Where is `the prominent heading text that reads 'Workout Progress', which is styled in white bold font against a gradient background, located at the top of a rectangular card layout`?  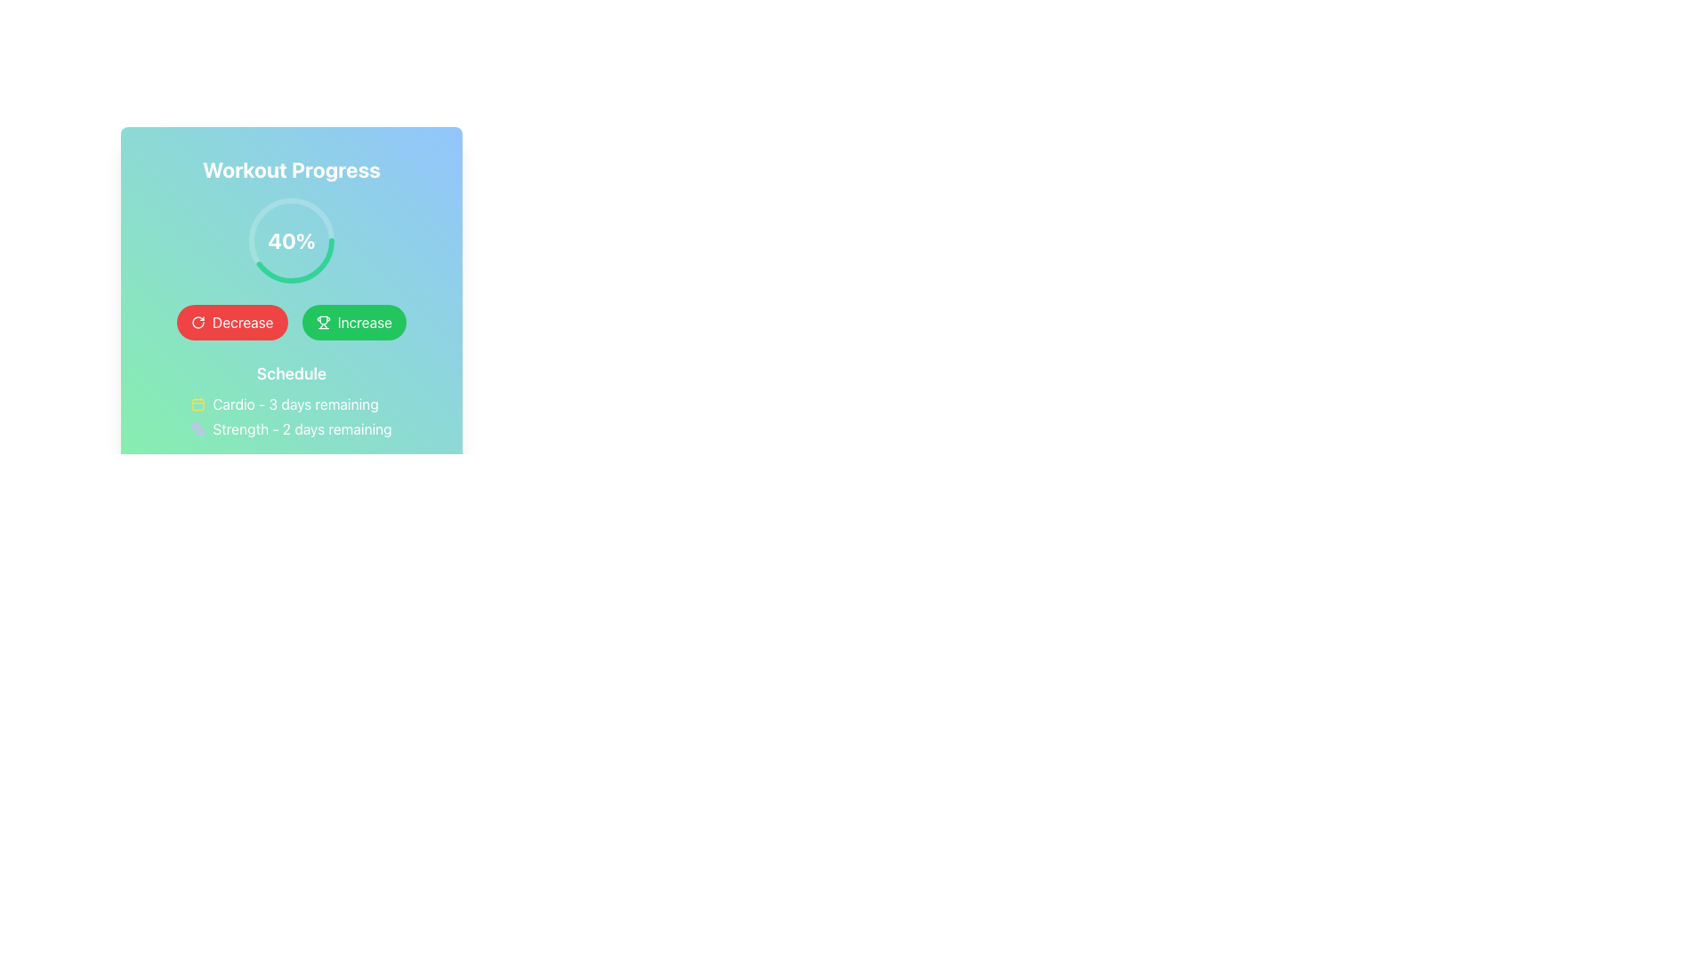 the prominent heading text that reads 'Workout Progress', which is styled in white bold font against a gradient background, located at the top of a rectangular card layout is located at coordinates (291, 170).